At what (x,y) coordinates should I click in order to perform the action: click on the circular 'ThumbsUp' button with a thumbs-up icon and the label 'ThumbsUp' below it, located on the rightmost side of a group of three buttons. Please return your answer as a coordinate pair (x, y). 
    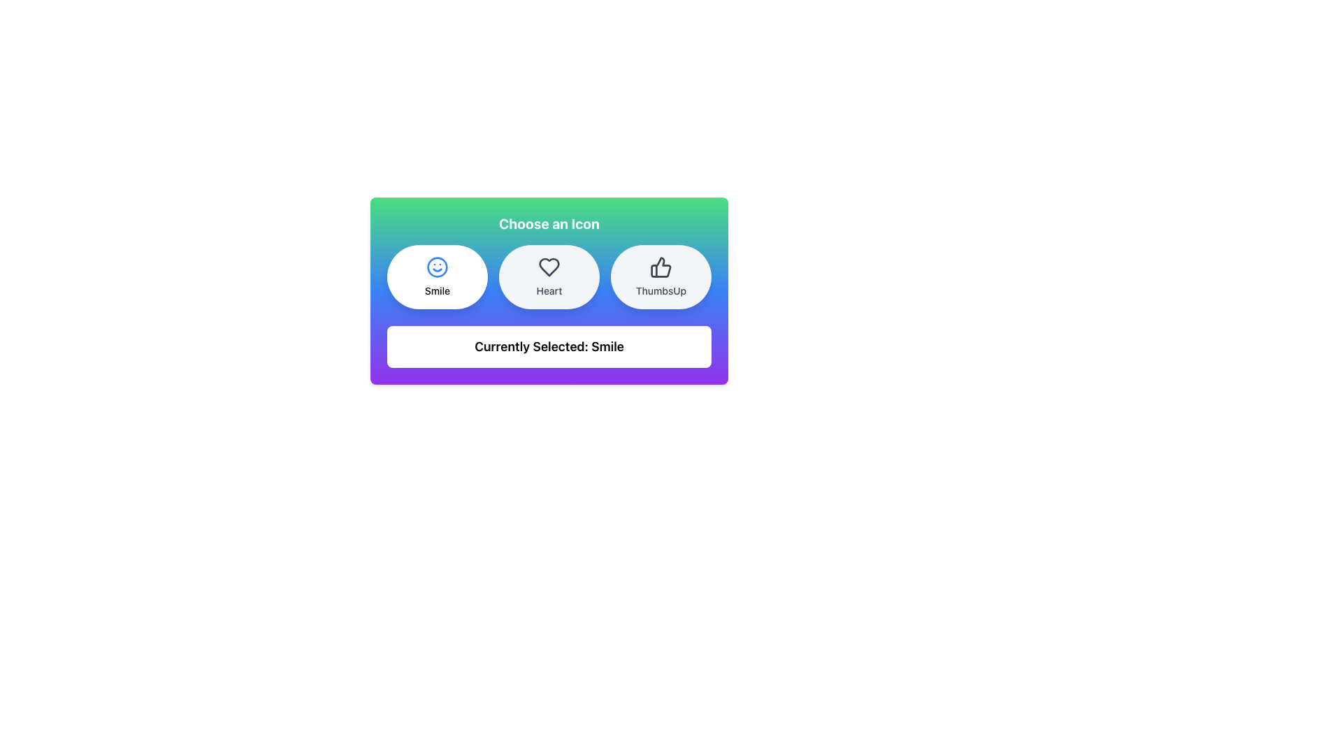
    Looking at the image, I should click on (660, 277).